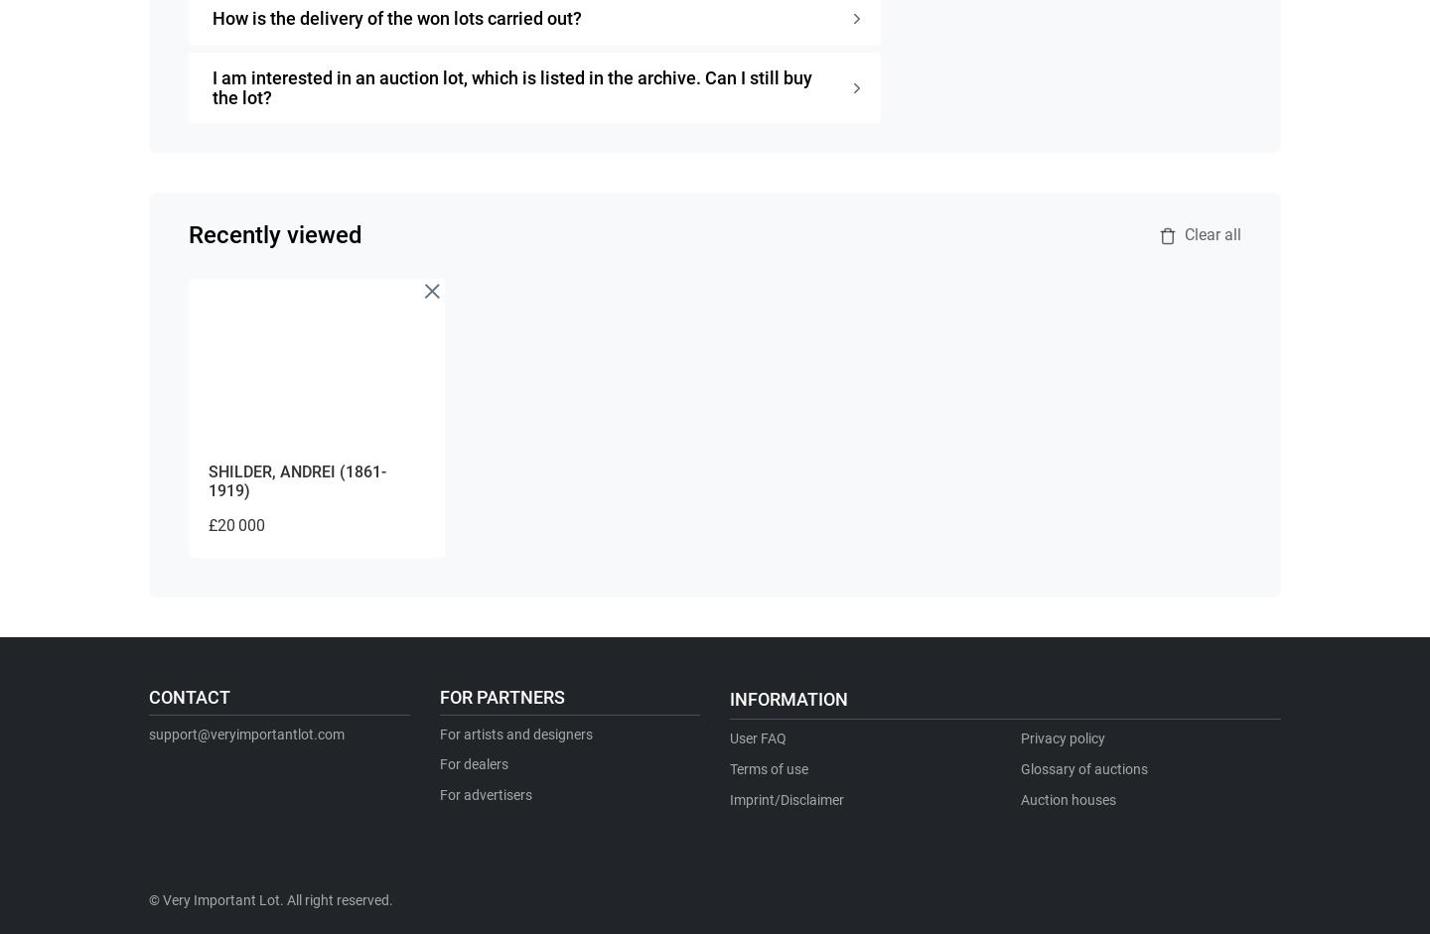 This screenshot has width=1430, height=934. I want to click on 'Contact', so click(189, 696).